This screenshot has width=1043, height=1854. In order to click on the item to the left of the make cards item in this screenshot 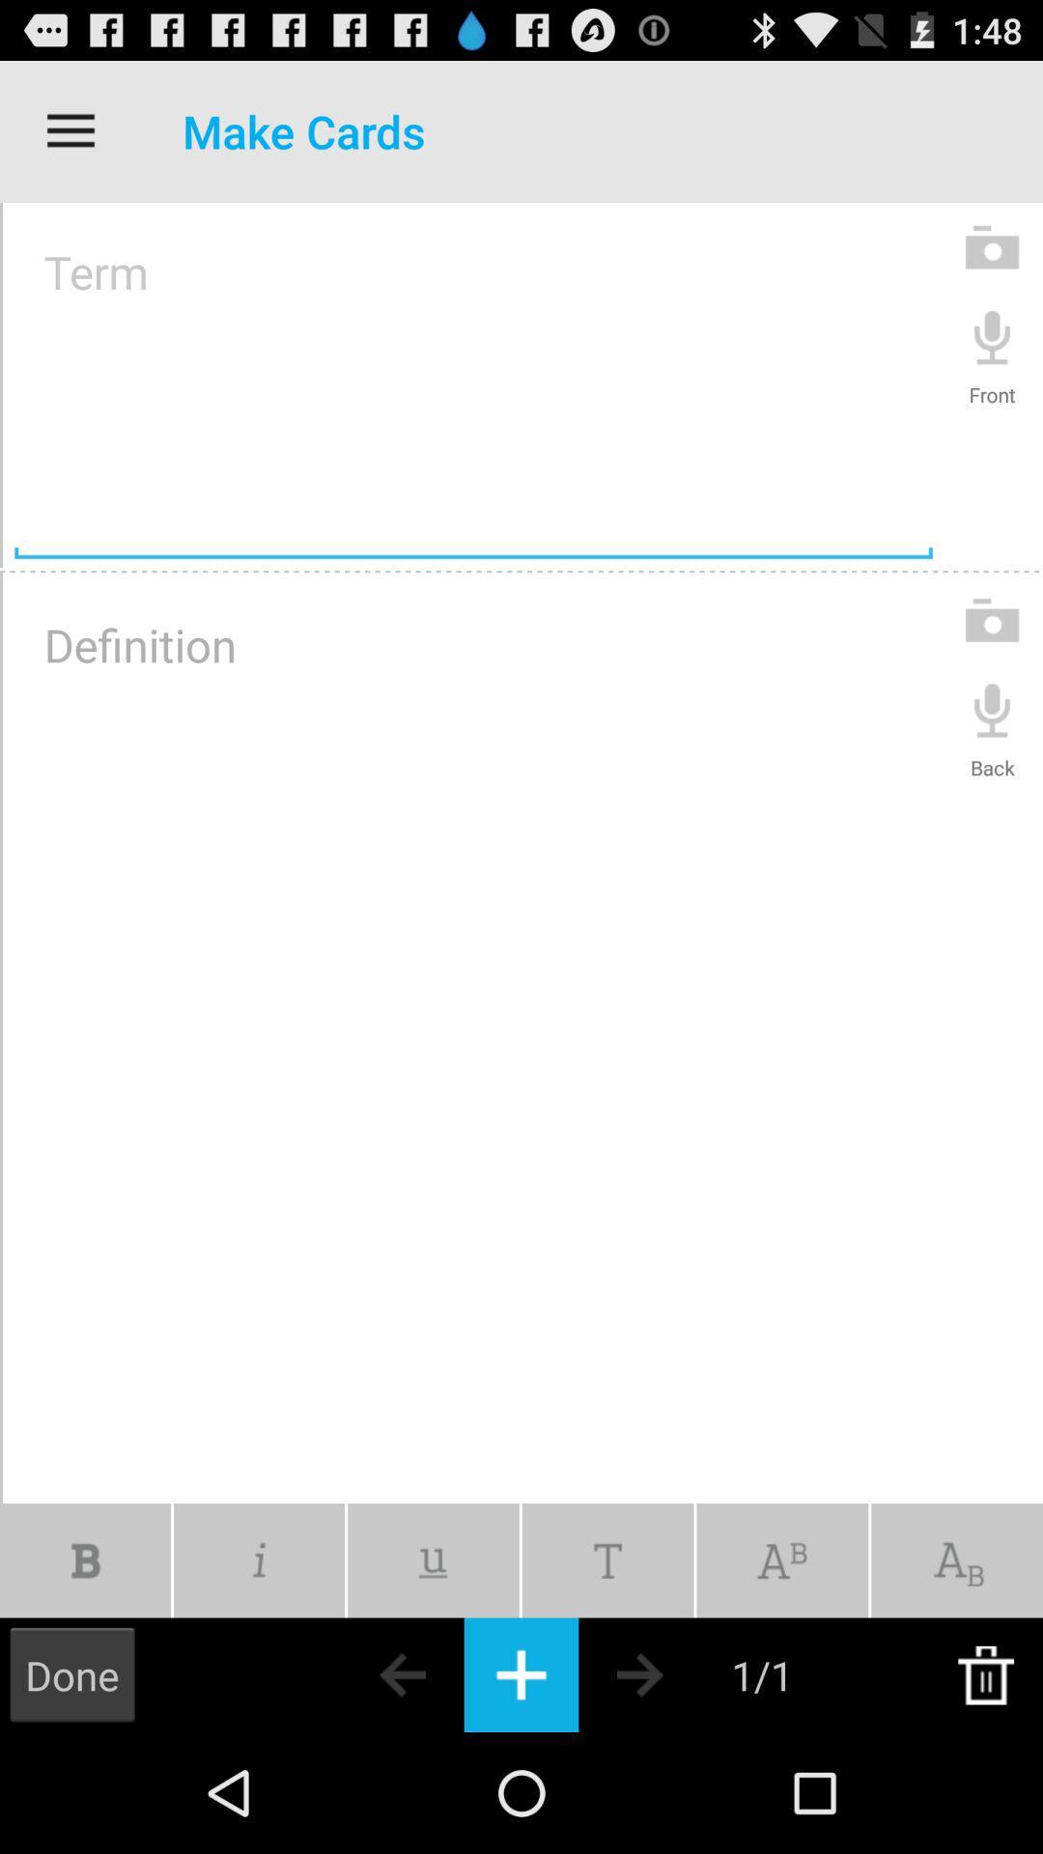, I will do `click(70, 130)`.